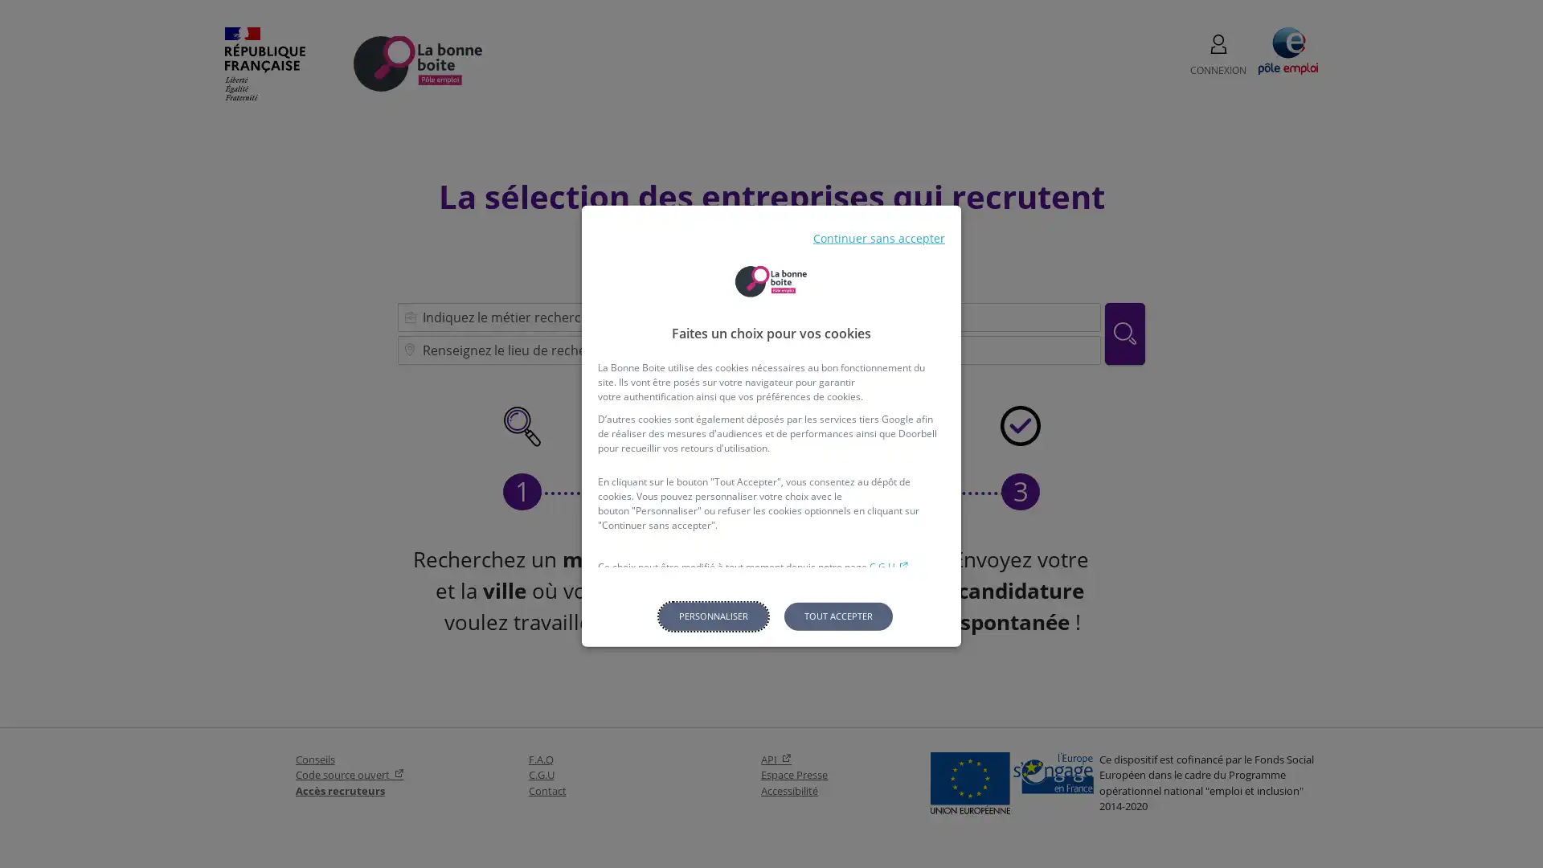 This screenshot has height=868, width=1543. What do you see at coordinates (712, 615) in the screenshot?
I see `Personnaliser les parametres de confidentialite` at bounding box center [712, 615].